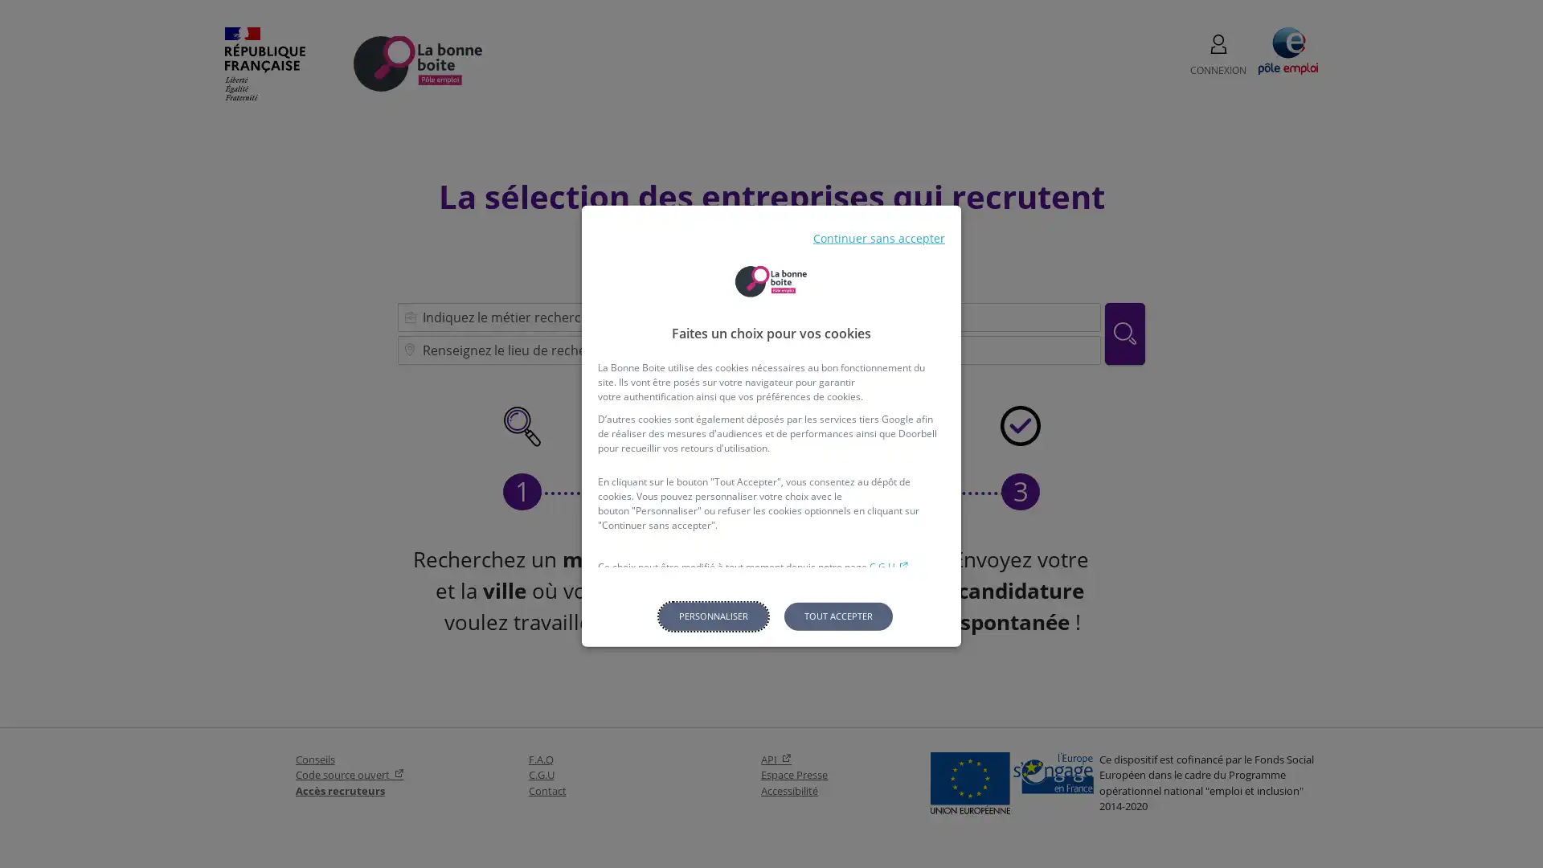 This screenshot has height=868, width=1543. What do you see at coordinates (712, 615) in the screenshot?
I see `Personnaliser les parametres de confidentialite` at bounding box center [712, 615].